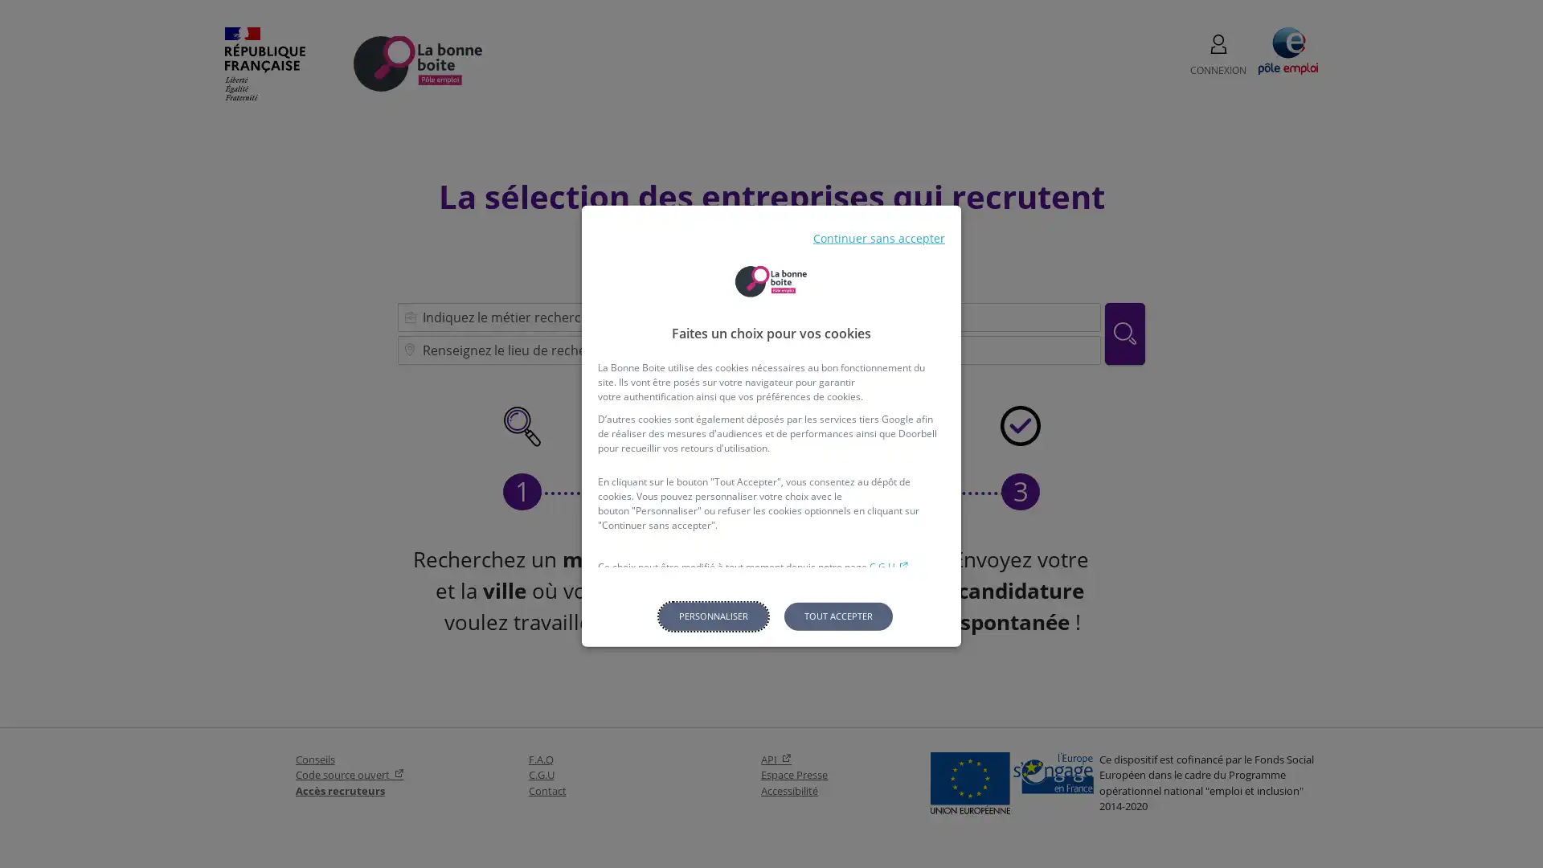 This screenshot has height=868, width=1543. What do you see at coordinates (712, 615) in the screenshot?
I see `Personnaliser les parametres de confidentialite` at bounding box center [712, 615].